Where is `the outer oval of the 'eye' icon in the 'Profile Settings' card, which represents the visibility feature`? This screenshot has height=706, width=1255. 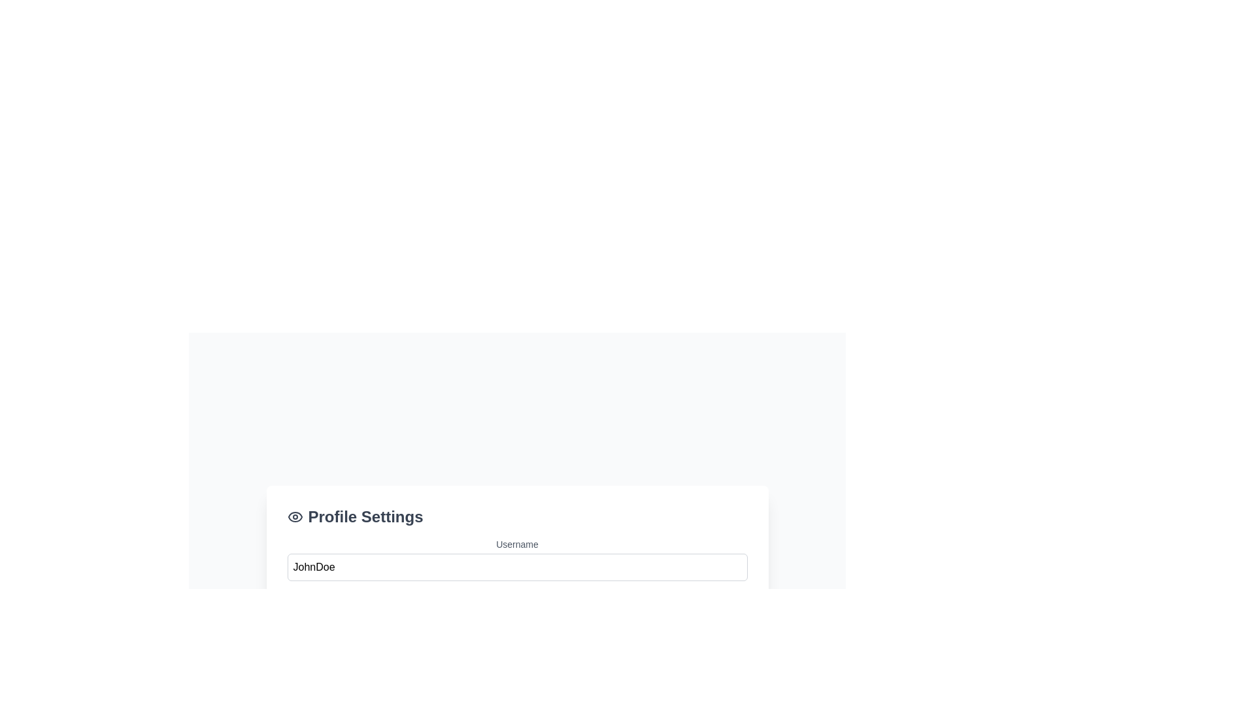 the outer oval of the 'eye' icon in the 'Profile Settings' card, which represents the visibility feature is located at coordinates (294, 516).